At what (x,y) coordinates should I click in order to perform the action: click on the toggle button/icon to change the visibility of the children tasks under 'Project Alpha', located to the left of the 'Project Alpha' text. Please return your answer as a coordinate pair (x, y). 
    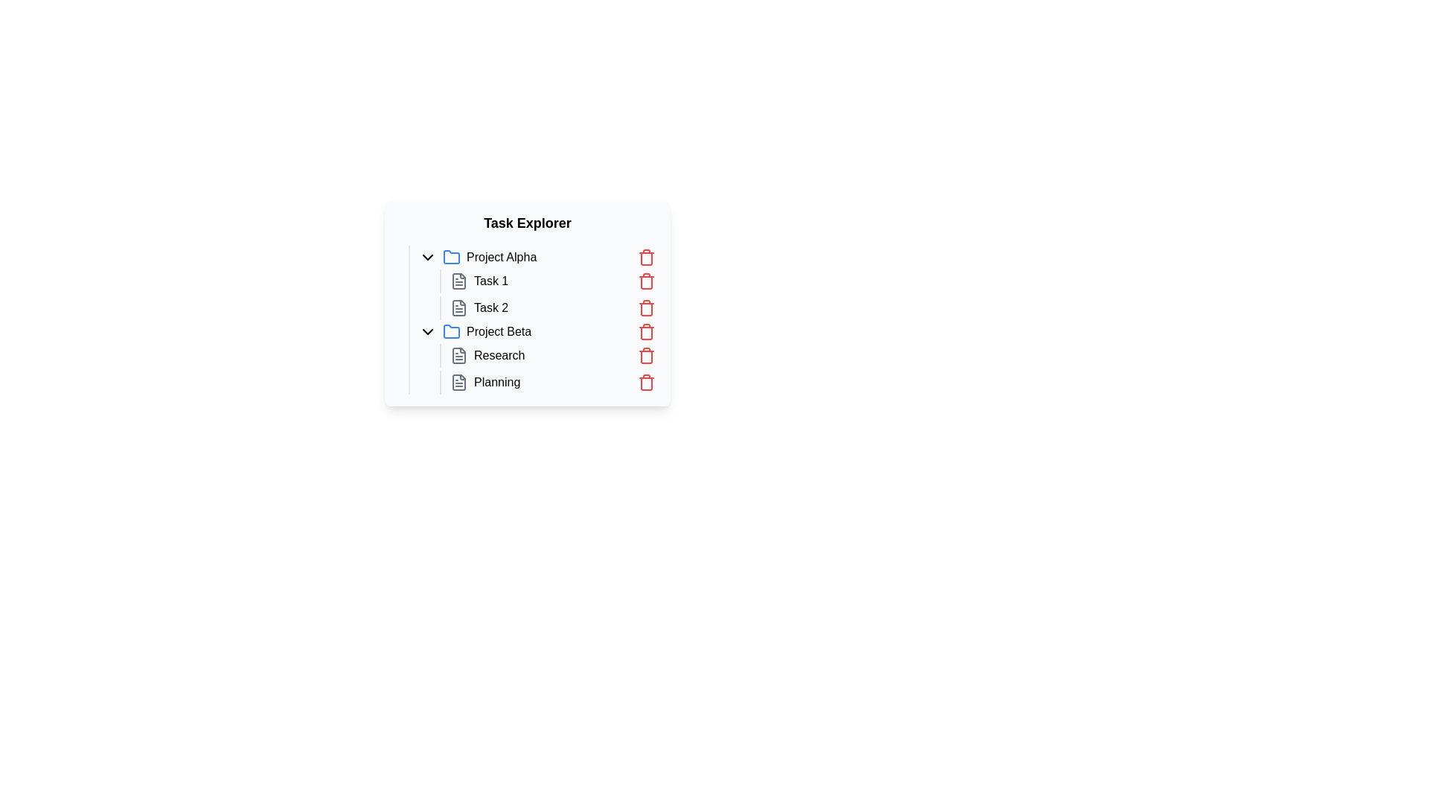
    Looking at the image, I should click on (427, 257).